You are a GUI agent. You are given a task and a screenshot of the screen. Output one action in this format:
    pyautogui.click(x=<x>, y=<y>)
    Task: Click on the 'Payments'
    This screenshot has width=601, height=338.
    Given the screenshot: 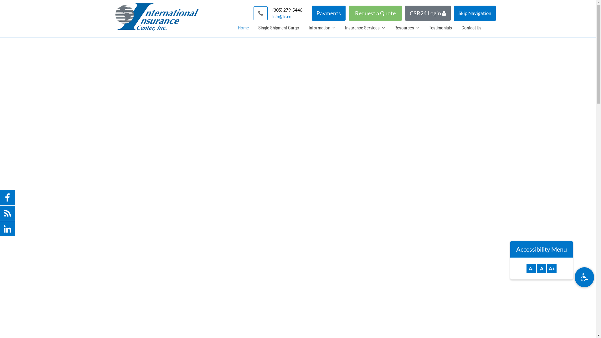 What is the action you would take?
    pyautogui.click(x=328, y=13)
    